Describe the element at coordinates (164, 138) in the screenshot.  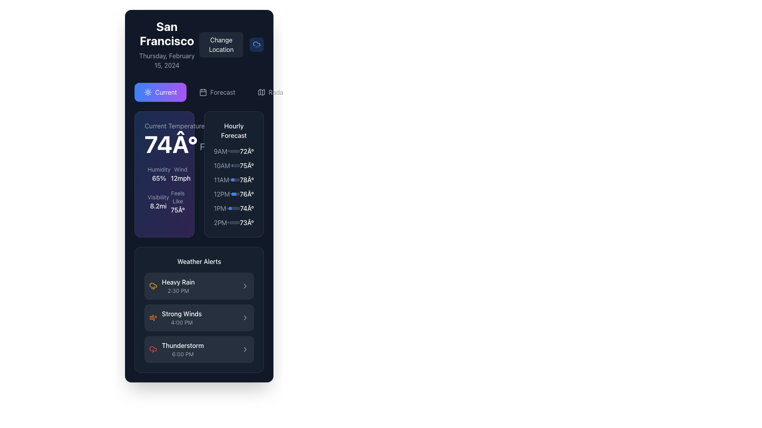
I see `the Text Label displaying '74Â°F' in large, bold, white font, which is part of the current weather information section` at that location.